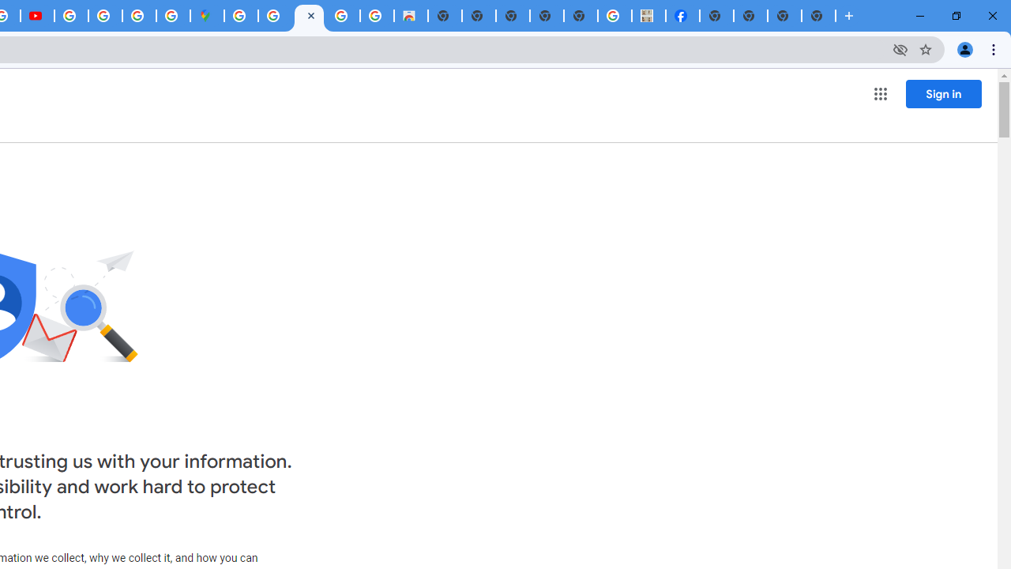 This screenshot has width=1011, height=569. What do you see at coordinates (411, 16) in the screenshot?
I see `'Chrome Web Store - Shopping'` at bounding box center [411, 16].